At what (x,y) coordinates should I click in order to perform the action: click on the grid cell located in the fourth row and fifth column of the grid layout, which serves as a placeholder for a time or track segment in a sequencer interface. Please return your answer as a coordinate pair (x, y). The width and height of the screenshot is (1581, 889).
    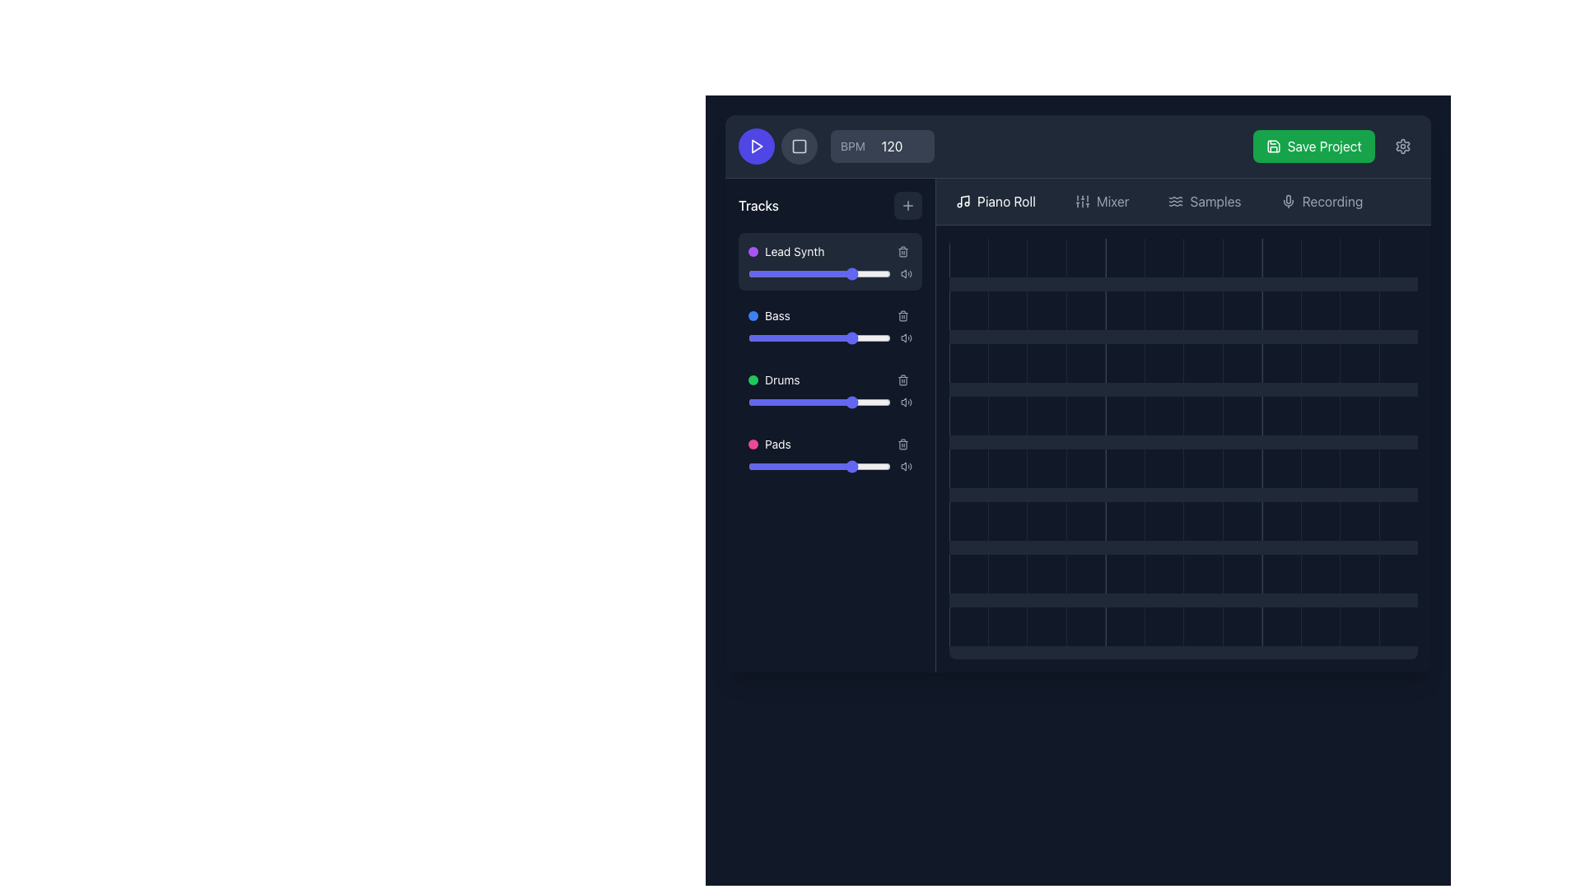
    Looking at the image, I should click on (1124, 415).